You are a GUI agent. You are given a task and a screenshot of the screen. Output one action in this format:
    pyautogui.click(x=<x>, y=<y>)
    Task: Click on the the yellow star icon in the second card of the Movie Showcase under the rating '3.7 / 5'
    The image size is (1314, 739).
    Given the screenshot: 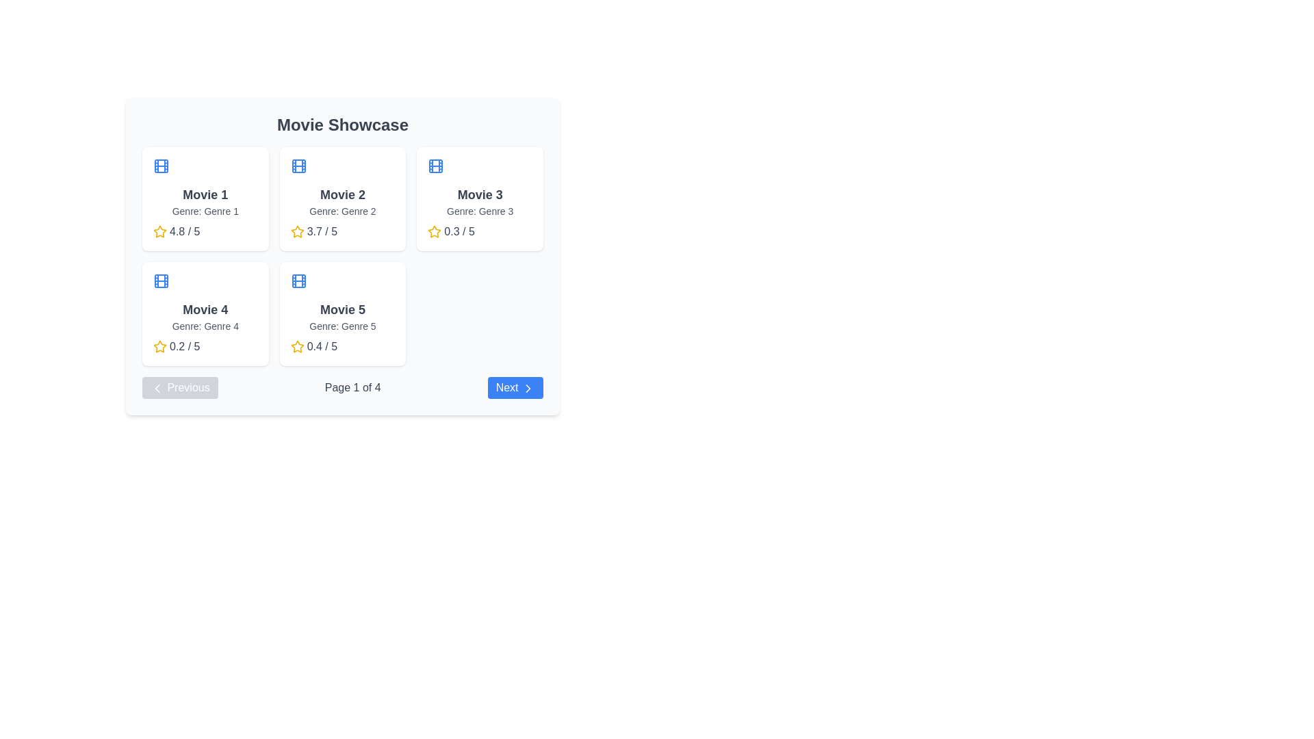 What is the action you would take?
    pyautogui.click(x=296, y=231)
    